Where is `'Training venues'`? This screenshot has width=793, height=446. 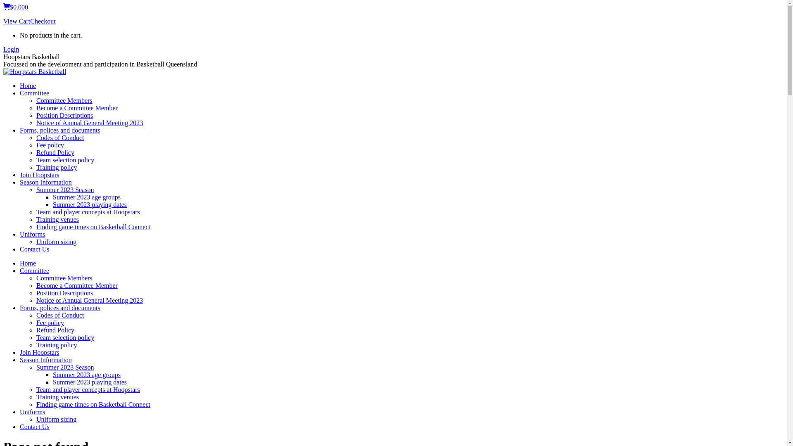
'Training venues' is located at coordinates (57, 219).